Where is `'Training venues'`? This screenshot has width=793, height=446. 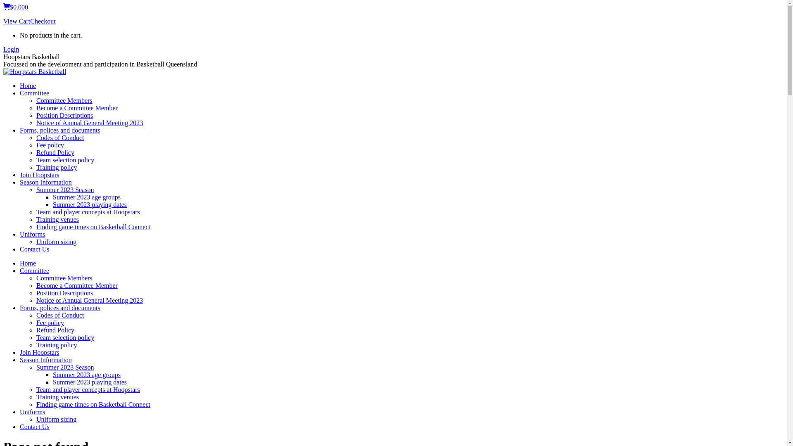
'Training venues' is located at coordinates (57, 219).